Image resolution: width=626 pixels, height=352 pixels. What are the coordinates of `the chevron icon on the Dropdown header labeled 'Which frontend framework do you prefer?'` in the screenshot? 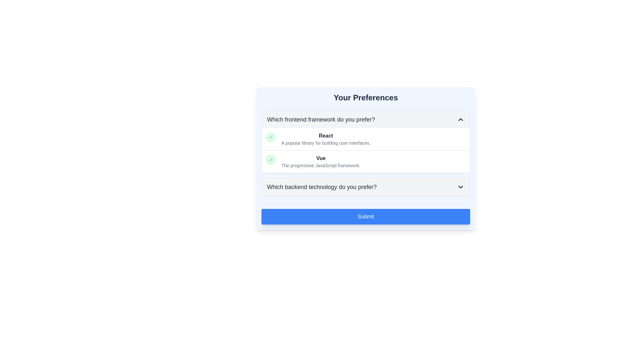 It's located at (366, 119).